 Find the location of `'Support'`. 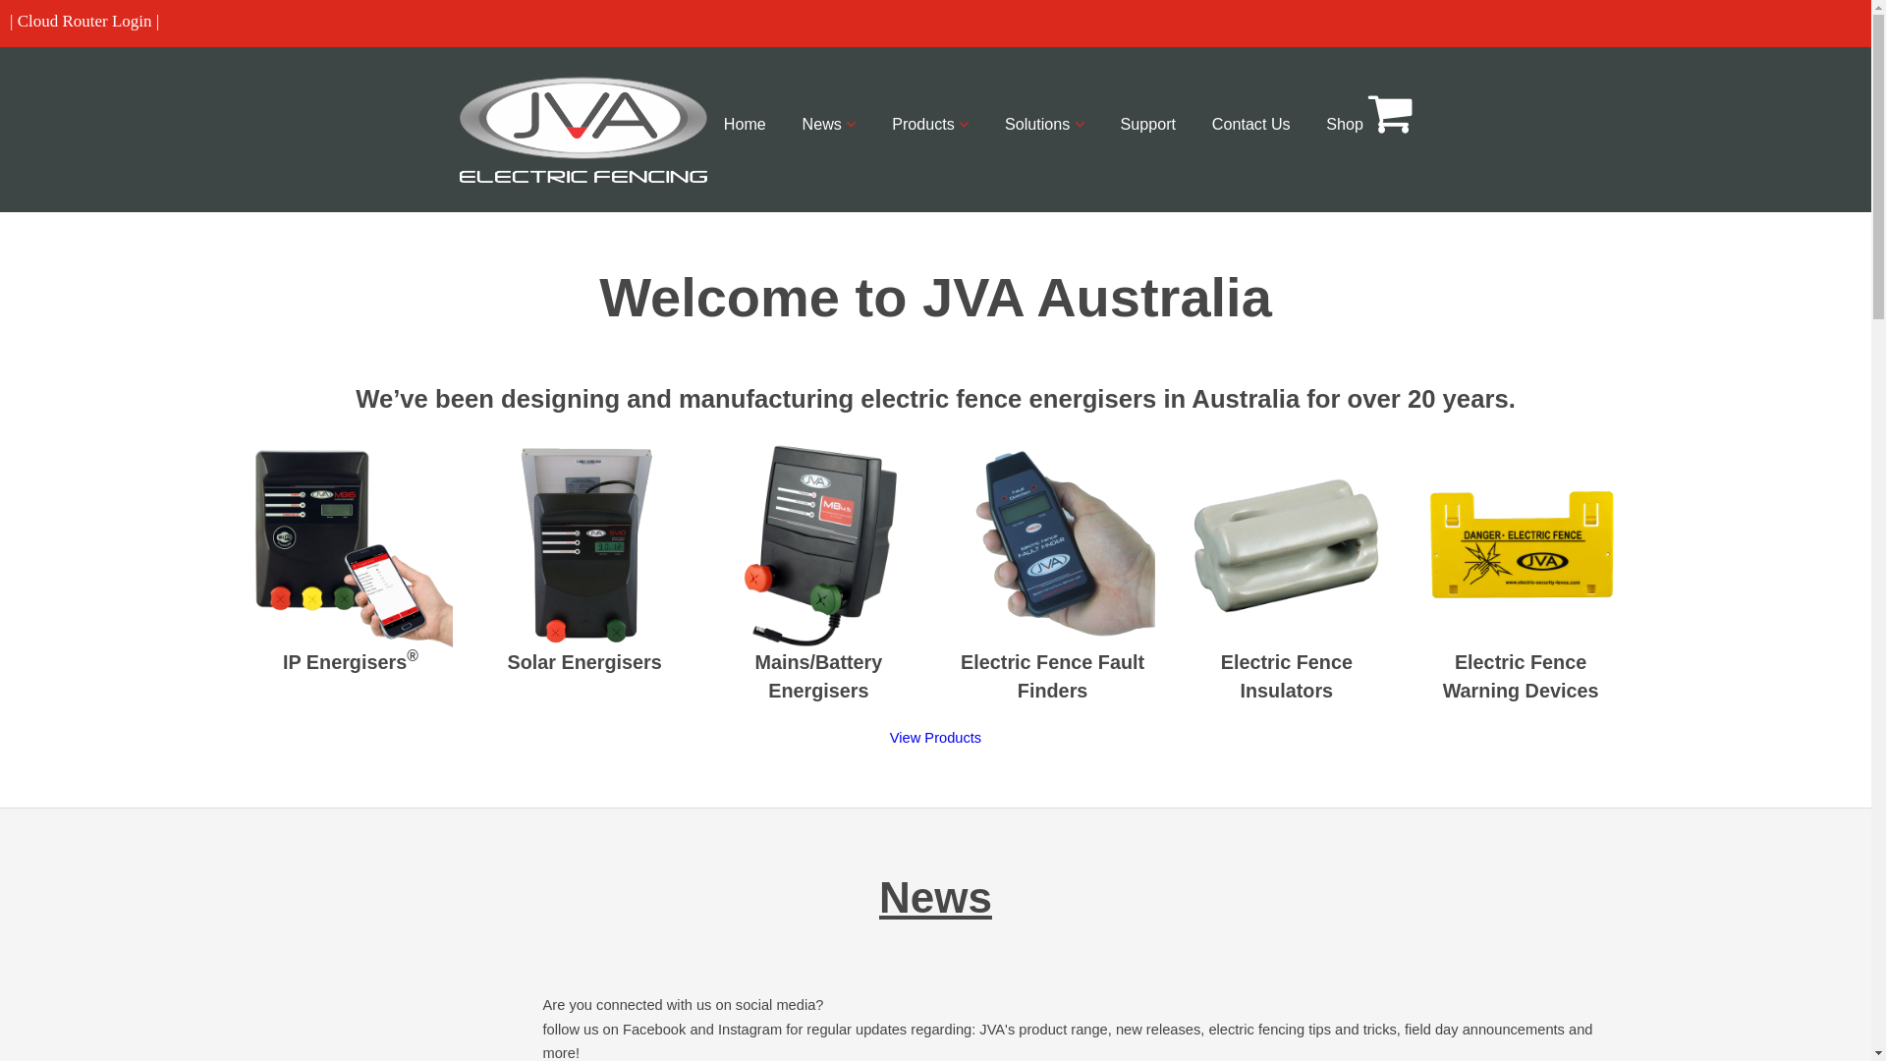

'Support' is located at coordinates (1148, 124).